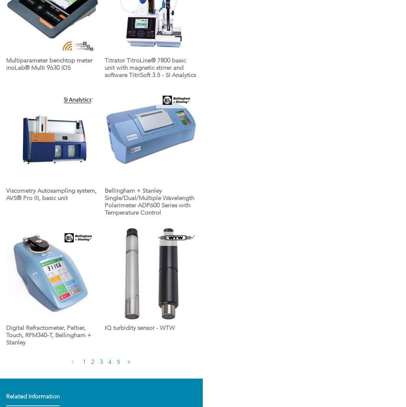 This screenshot has width=406, height=407. What do you see at coordinates (149, 68) in the screenshot?
I see `'Titrator TitroLine® 7800 basic unit with magnetic stirrer and software TitriSoft 3.5 - SI Analytics'` at bounding box center [149, 68].